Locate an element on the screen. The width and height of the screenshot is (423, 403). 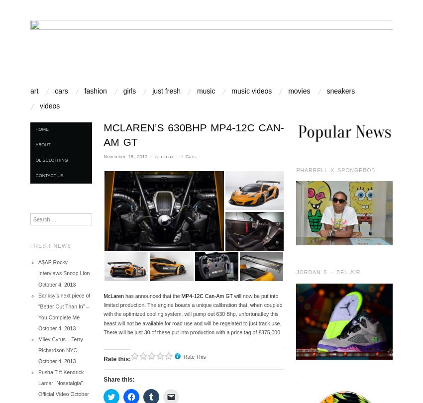
'Contact Us' is located at coordinates (49, 175).